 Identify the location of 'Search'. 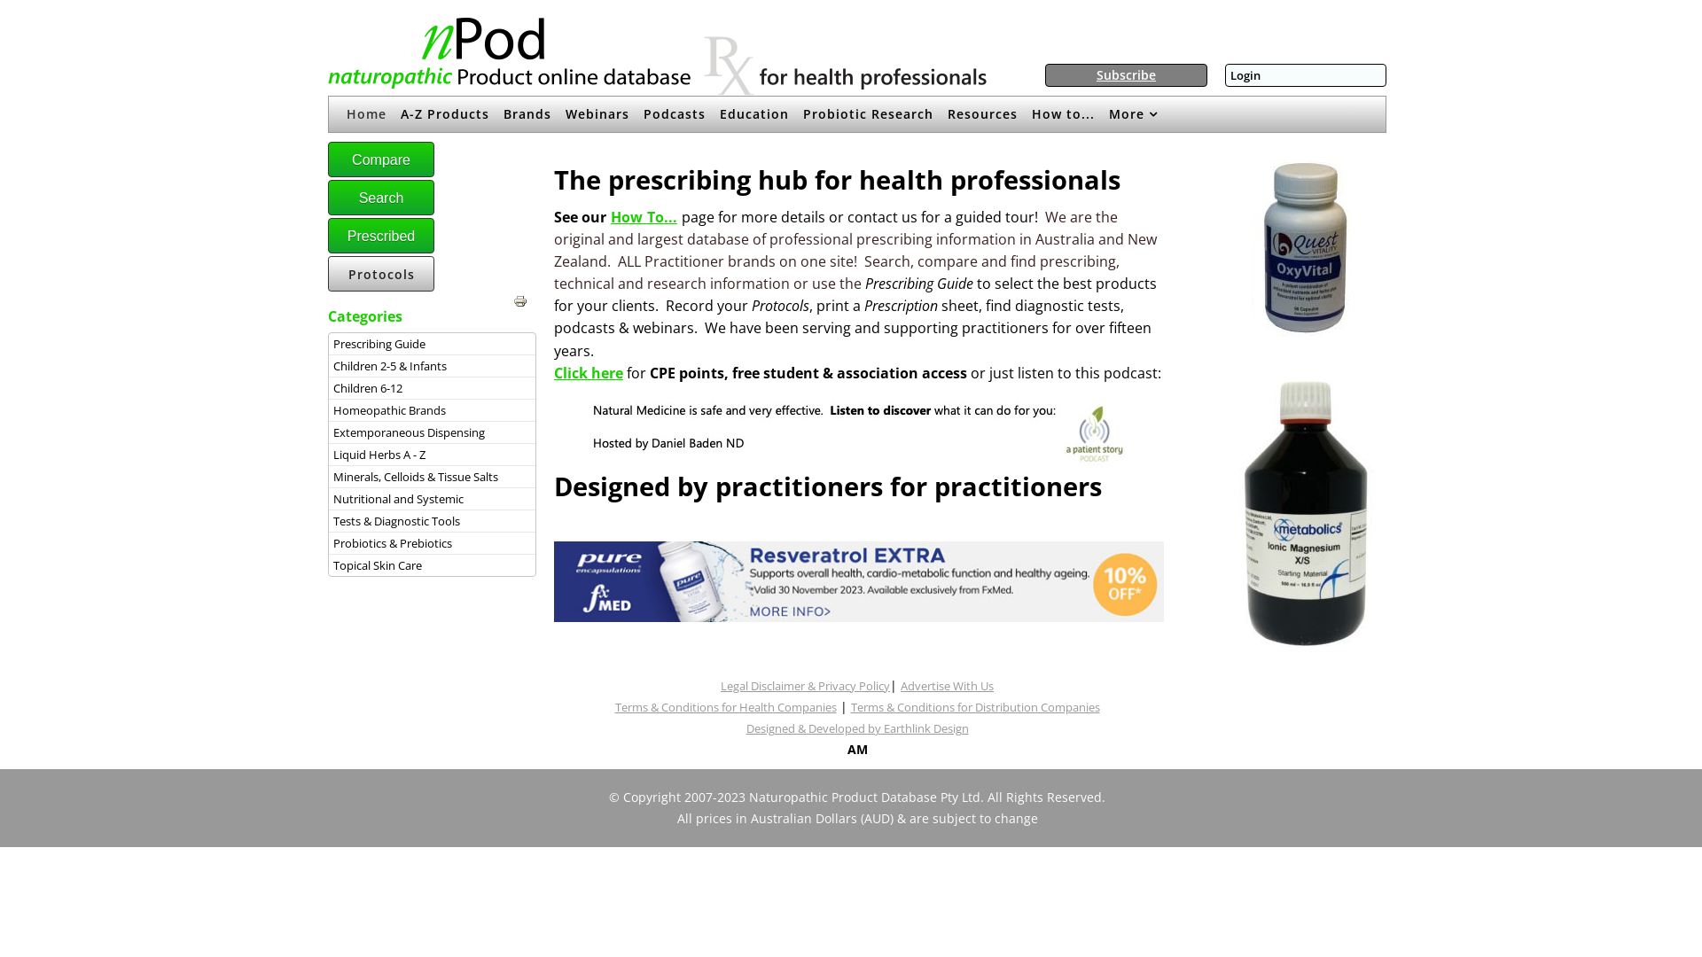
(380, 198).